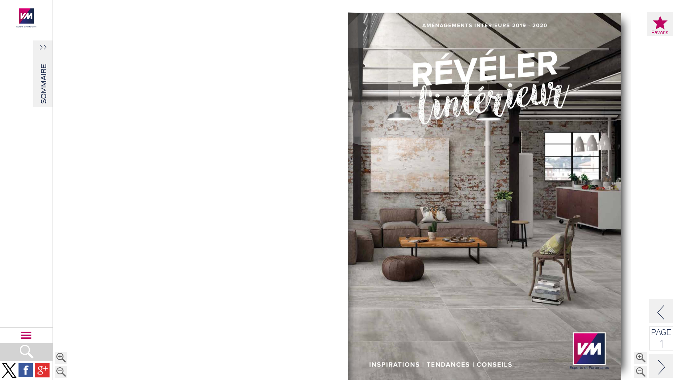 Image resolution: width=677 pixels, height=380 pixels. What do you see at coordinates (661, 343) in the screenshot?
I see `'1'` at bounding box center [661, 343].